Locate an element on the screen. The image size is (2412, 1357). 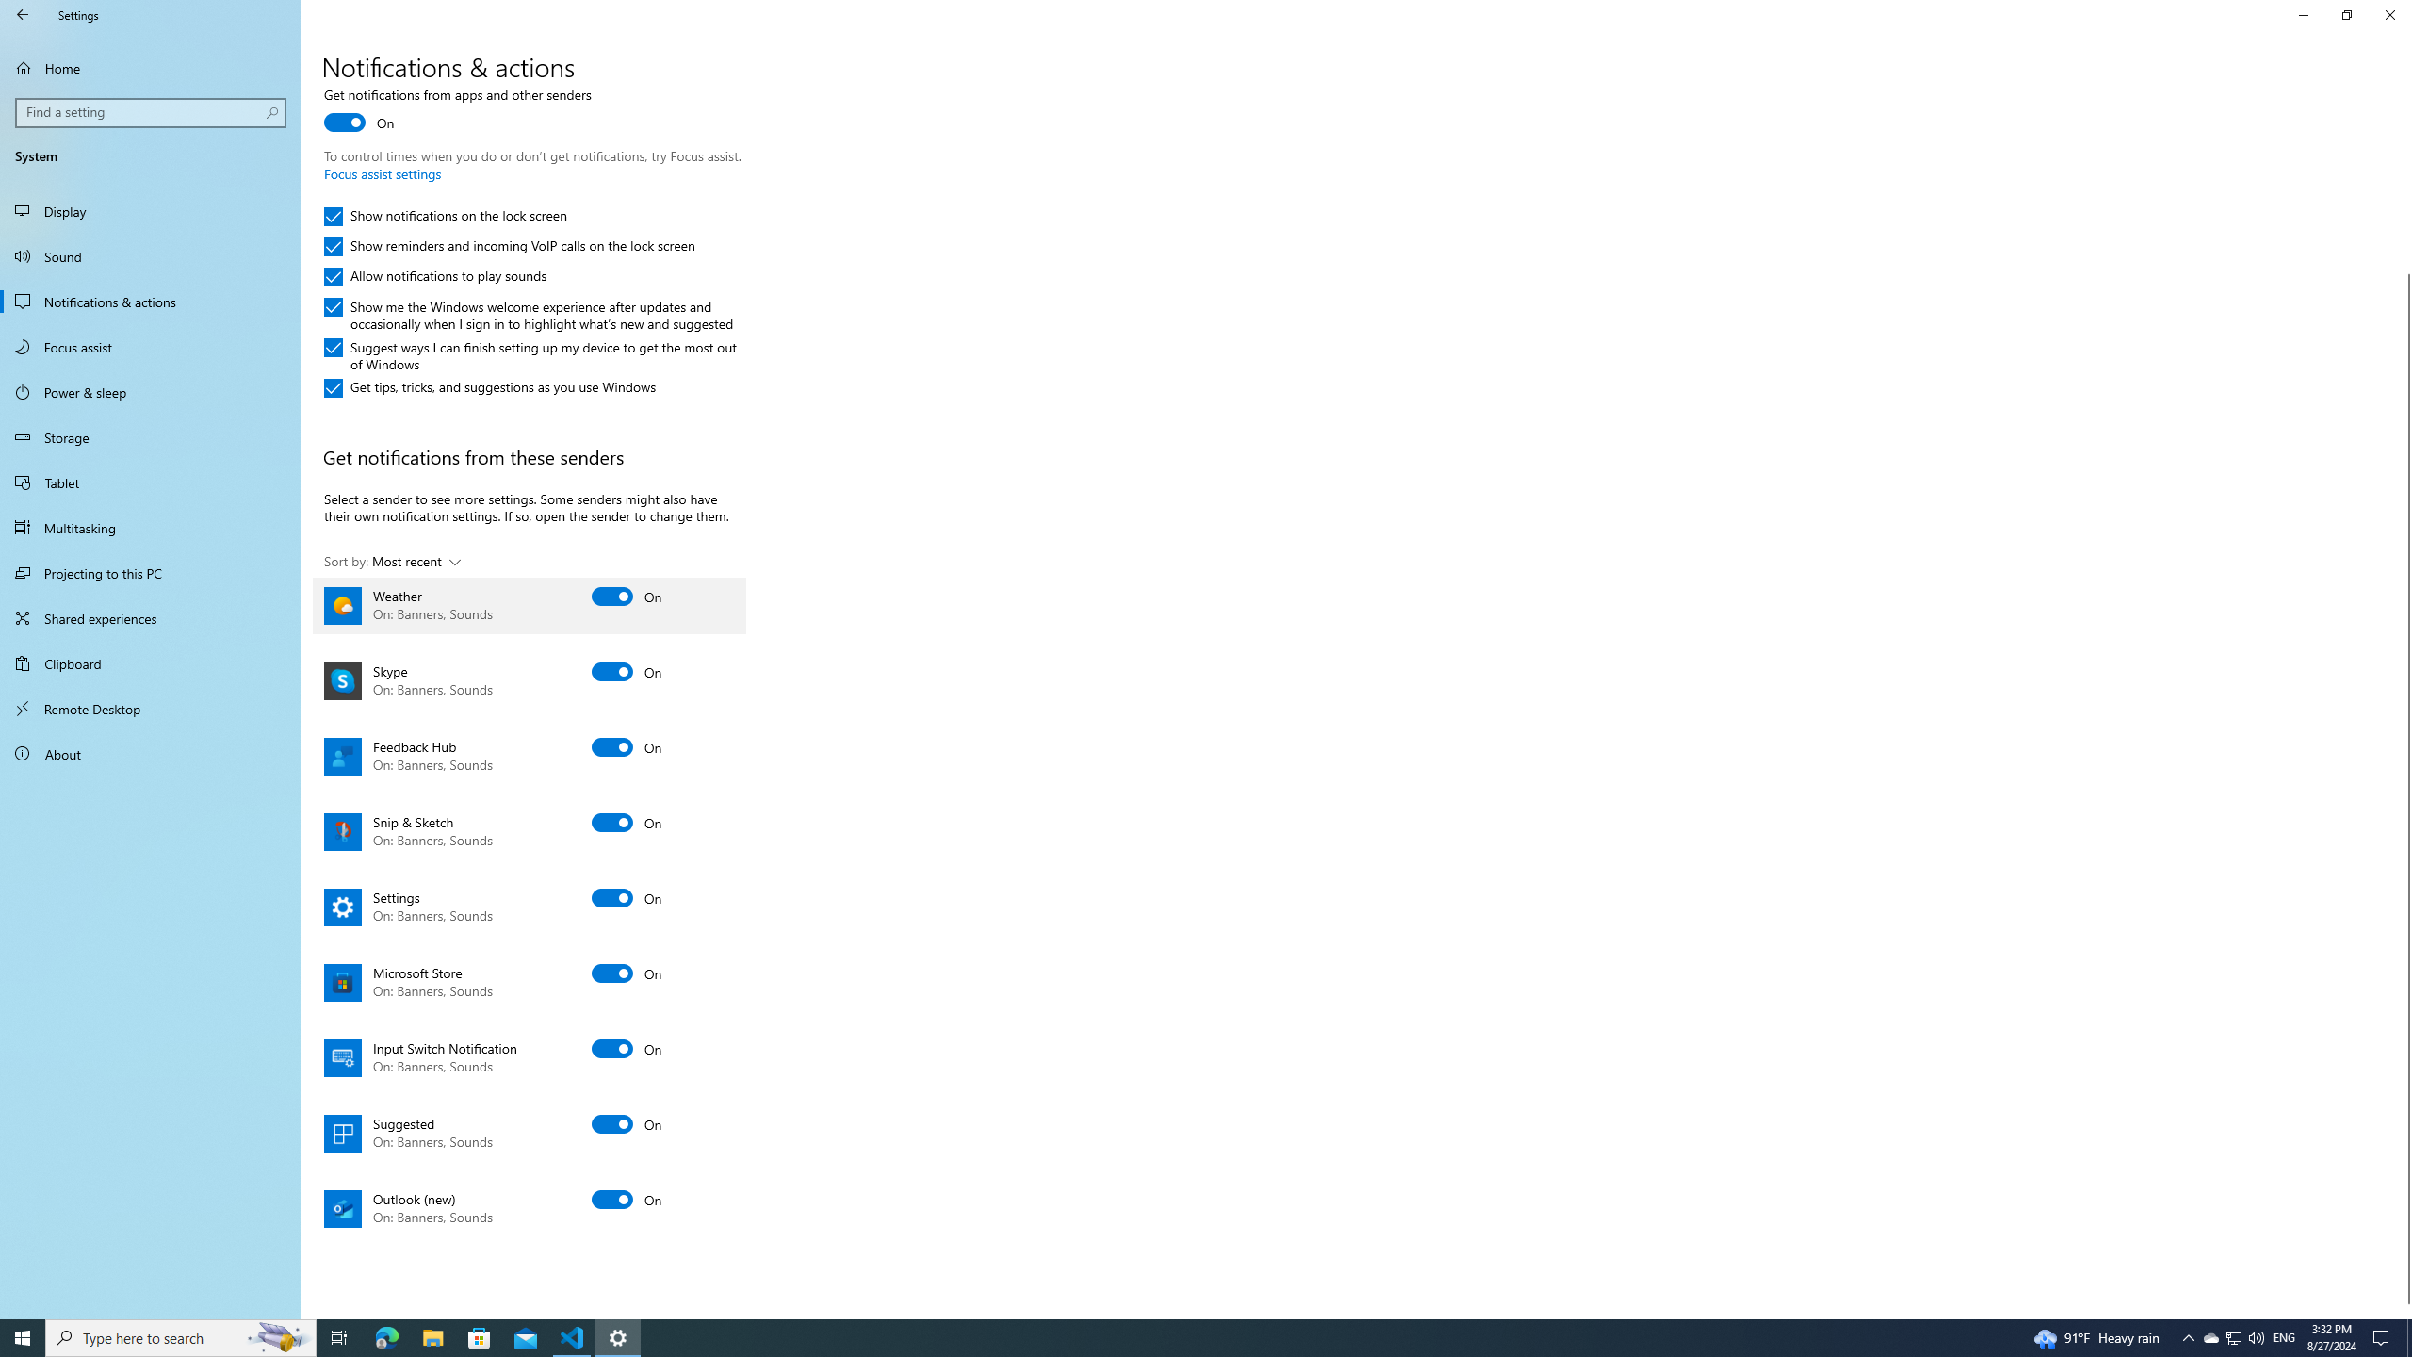
'Task View' is located at coordinates (337, 1336).